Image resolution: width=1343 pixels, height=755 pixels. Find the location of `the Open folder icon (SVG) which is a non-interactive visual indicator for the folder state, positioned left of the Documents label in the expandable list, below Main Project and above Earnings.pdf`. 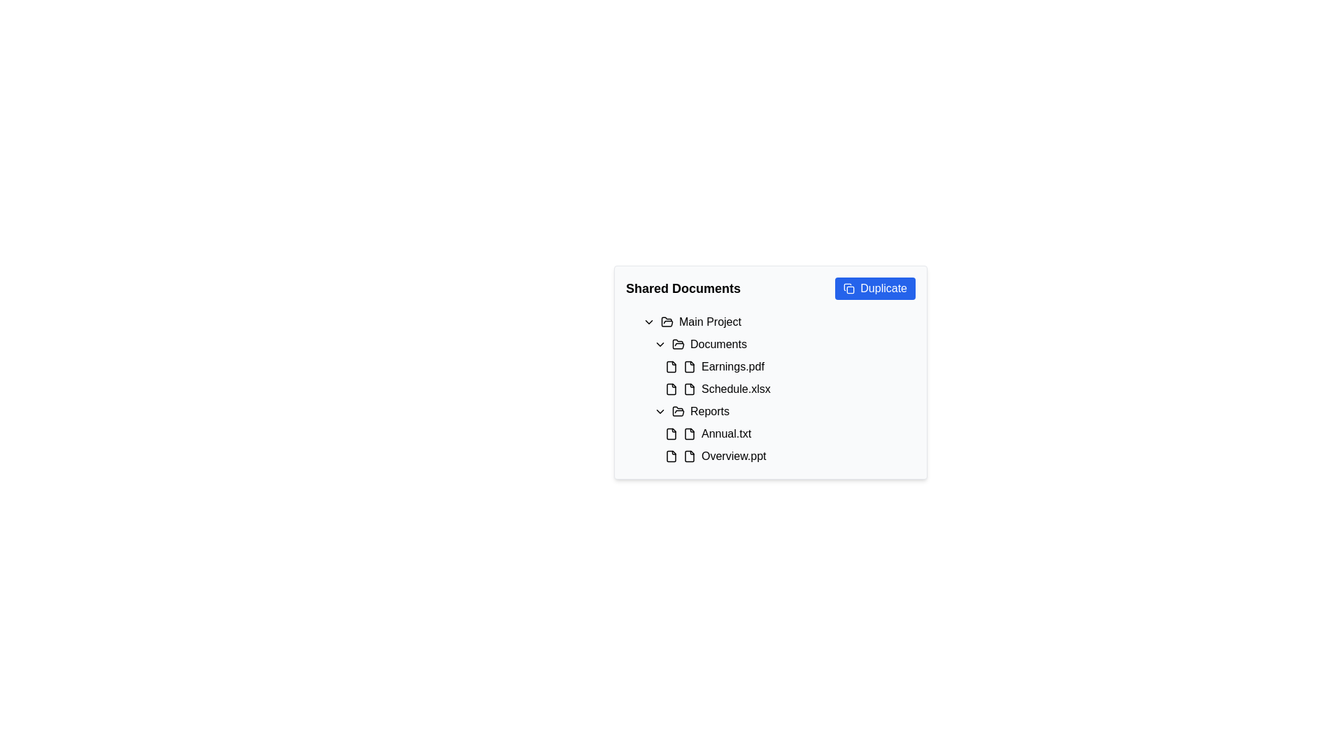

the Open folder icon (SVG) which is a non-interactive visual indicator for the folder state, positioned left of the Documents label in the expandable list, below Main Project and above Earnings.pdf is located at coordinates (678, 345).